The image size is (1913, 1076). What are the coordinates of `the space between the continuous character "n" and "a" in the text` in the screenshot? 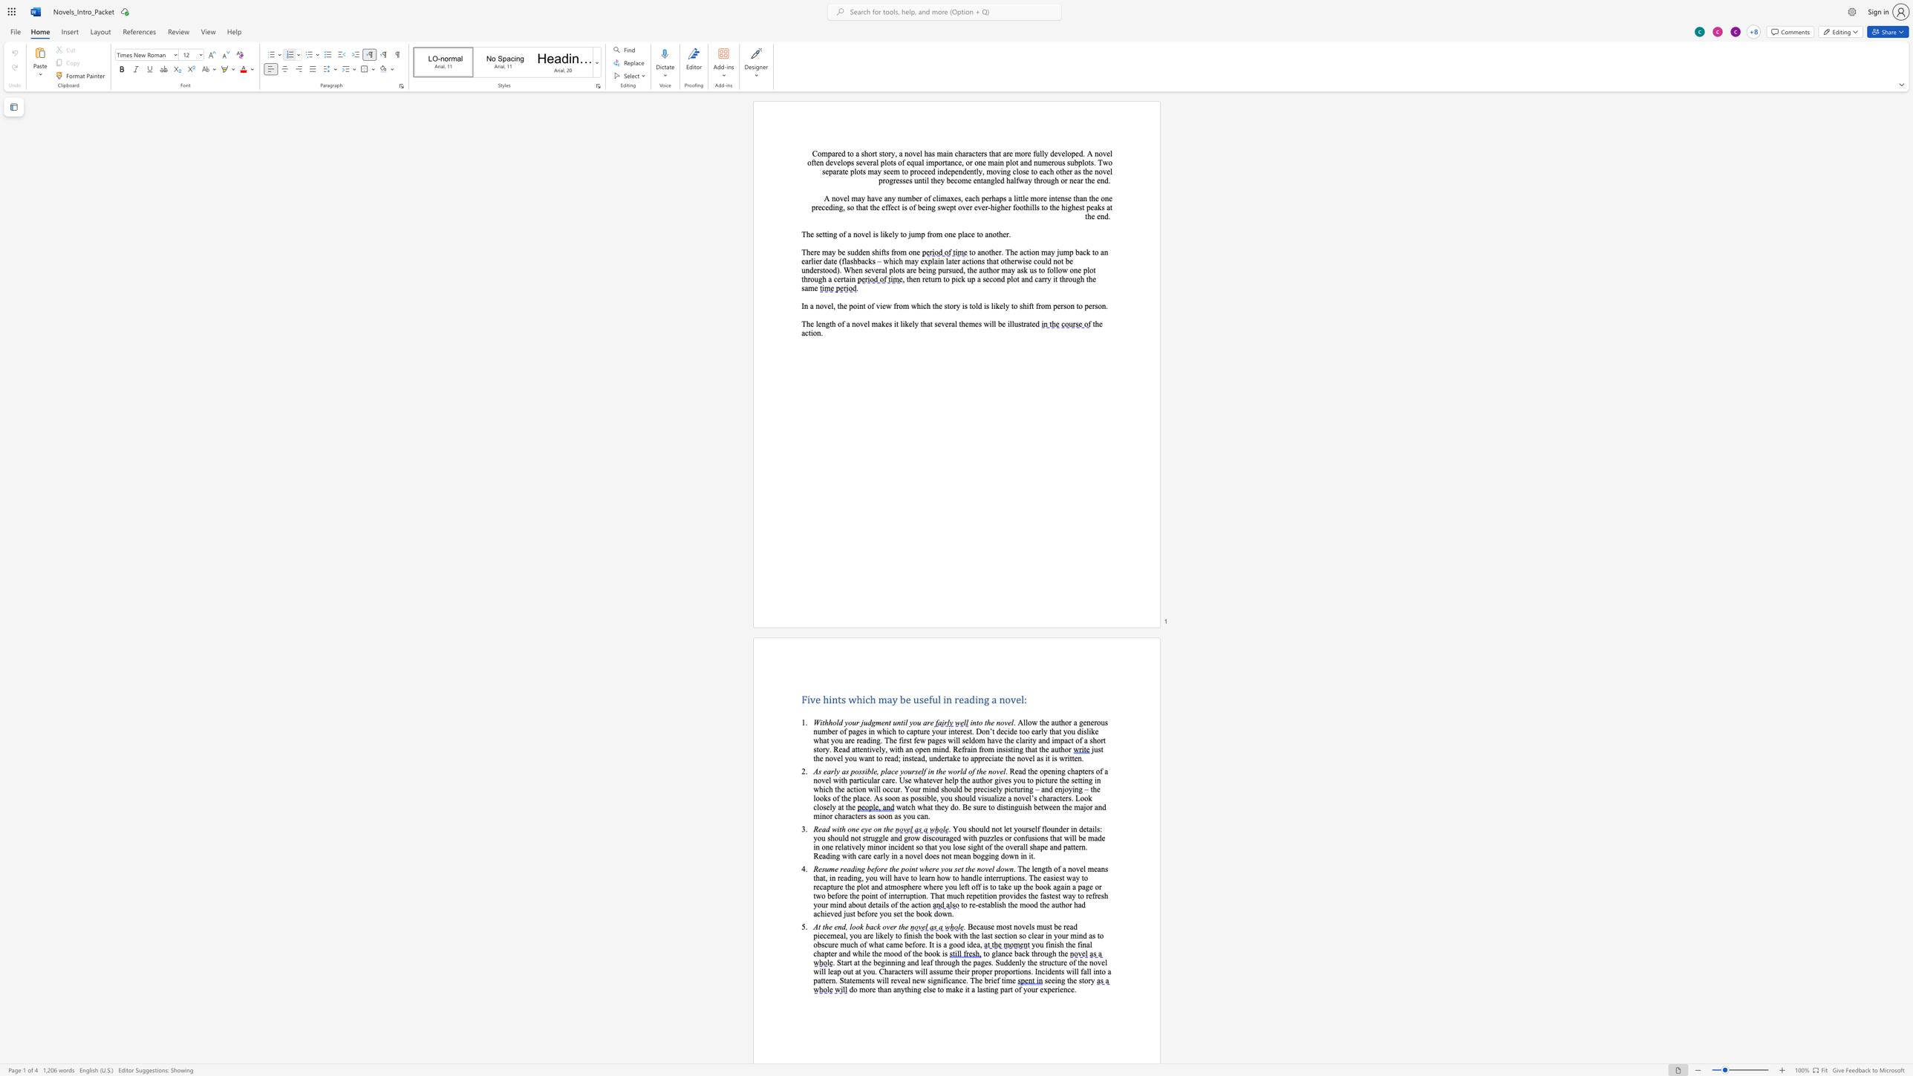 It's located at (1085, 944).